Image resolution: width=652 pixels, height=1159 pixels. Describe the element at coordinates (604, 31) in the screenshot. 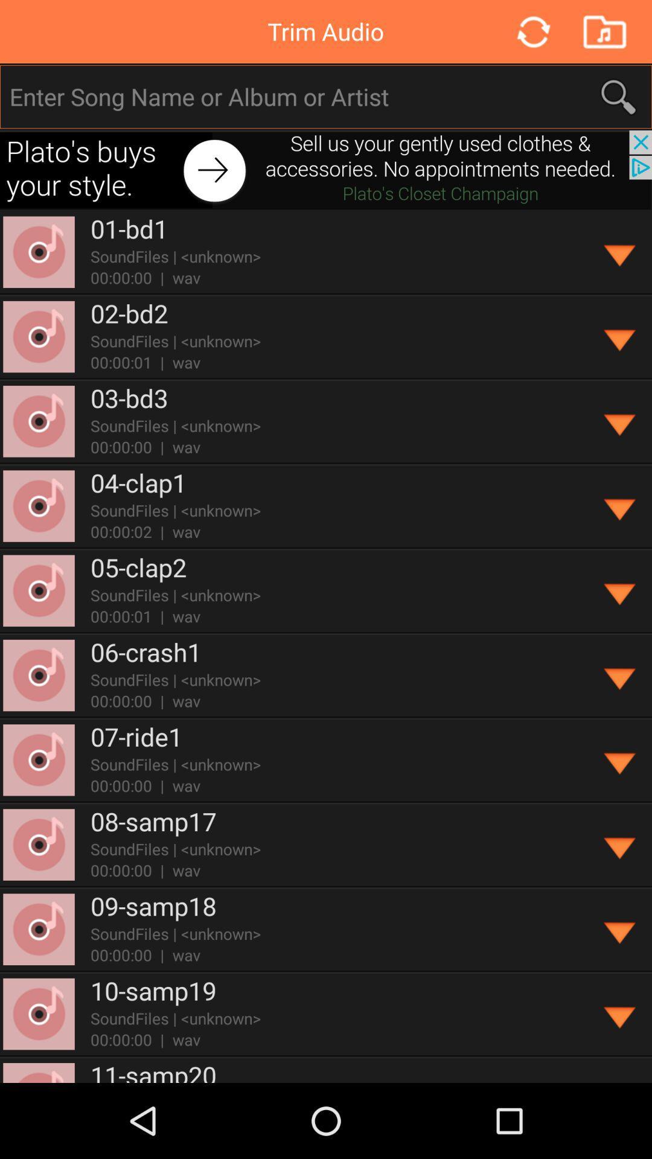

I see `the memory` at that location.